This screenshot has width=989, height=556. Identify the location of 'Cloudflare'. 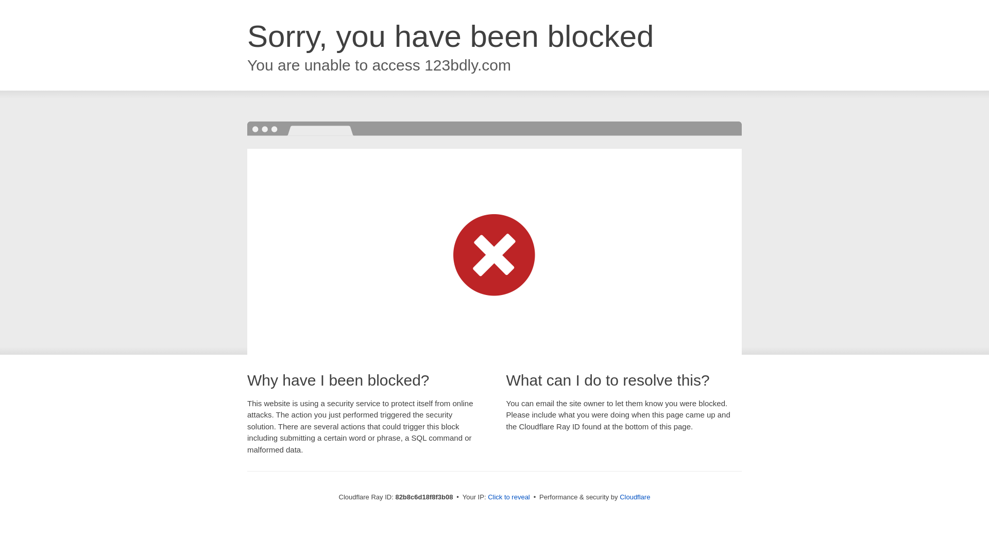
(634, 496).